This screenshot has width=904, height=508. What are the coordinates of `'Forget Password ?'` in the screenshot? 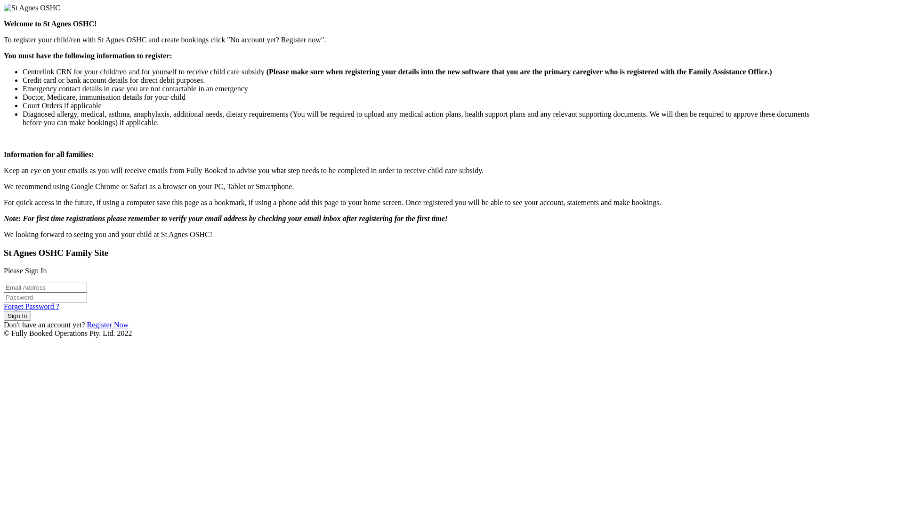 It's located at (32, 306).